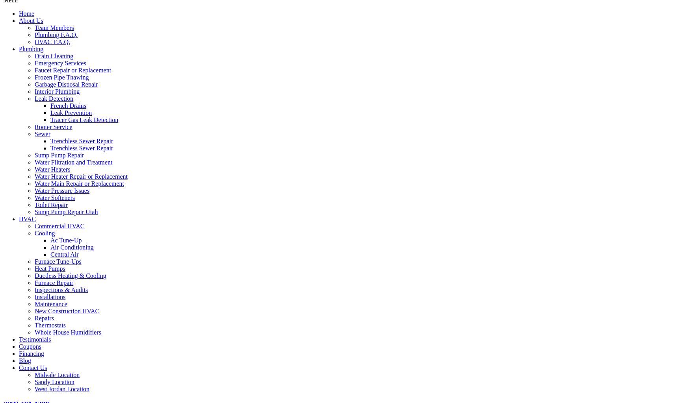 The width and height of the screenshot is (698, 403). I want to click on 'Water Main Repair or Replacement', so click(79, 183).